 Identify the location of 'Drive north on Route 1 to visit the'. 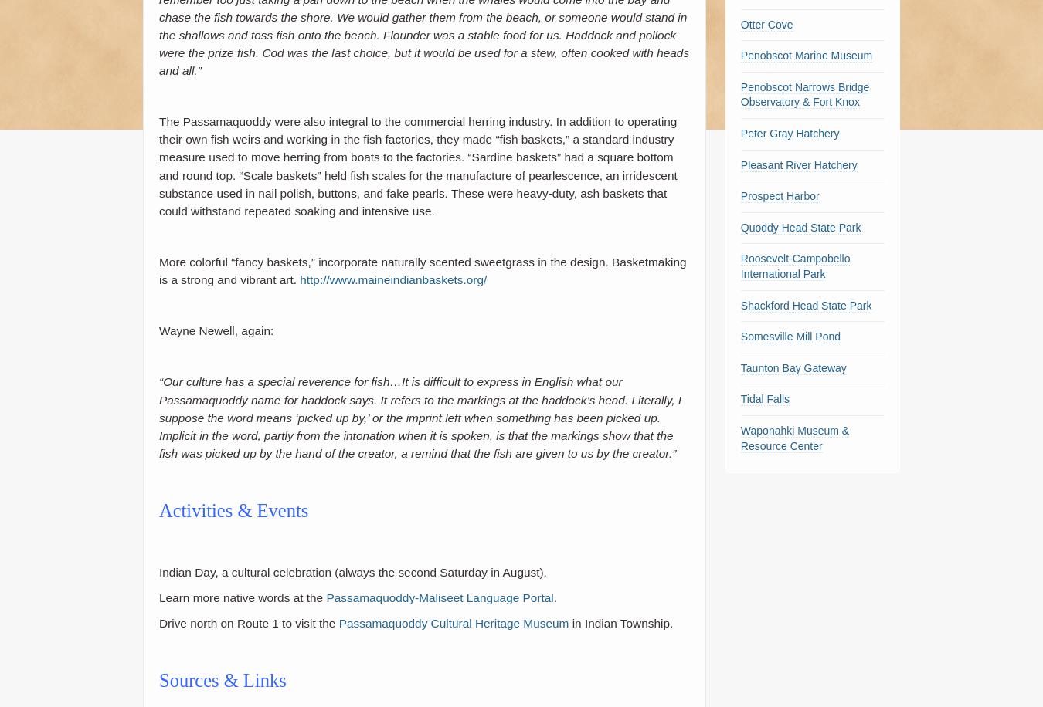
(247, 623).